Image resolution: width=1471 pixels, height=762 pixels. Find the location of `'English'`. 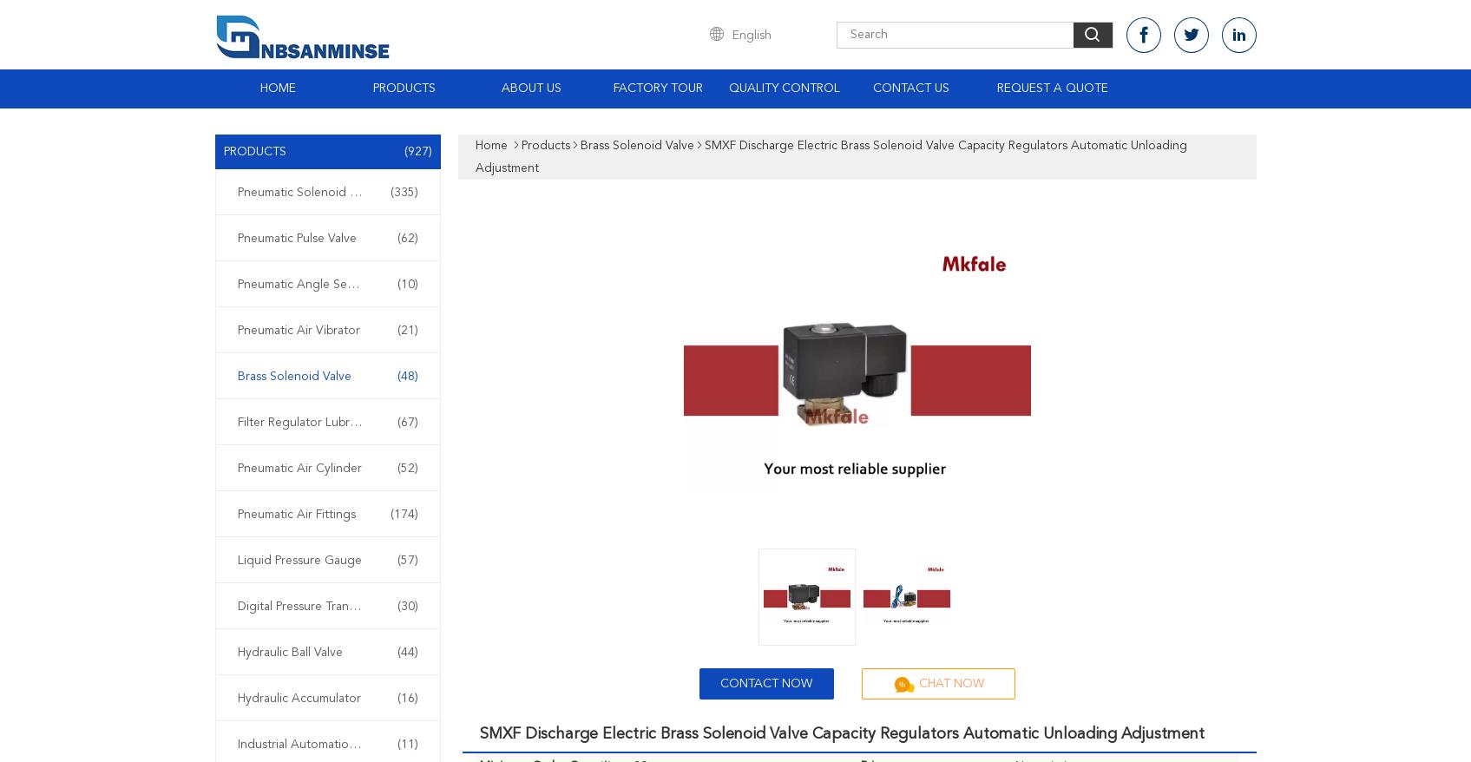

'English' is located at coordinates (732, 35).